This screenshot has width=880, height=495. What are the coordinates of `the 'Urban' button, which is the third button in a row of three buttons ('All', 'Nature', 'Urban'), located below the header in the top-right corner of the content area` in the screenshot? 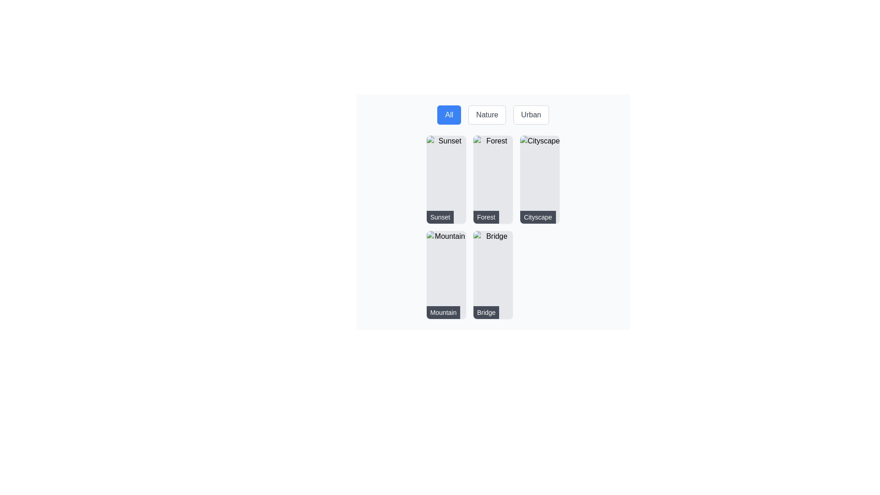 It's located at (531, 114).